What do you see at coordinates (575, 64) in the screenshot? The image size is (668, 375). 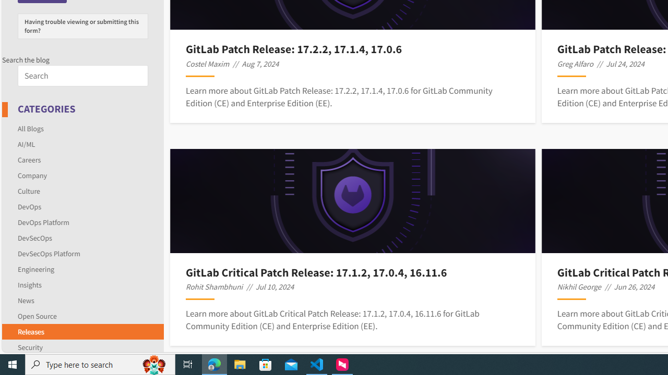 I see `'Greg Alfaro'` at bounding box center [575, 64].